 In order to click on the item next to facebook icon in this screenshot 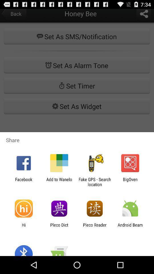, I will do `click(59, 182)`.